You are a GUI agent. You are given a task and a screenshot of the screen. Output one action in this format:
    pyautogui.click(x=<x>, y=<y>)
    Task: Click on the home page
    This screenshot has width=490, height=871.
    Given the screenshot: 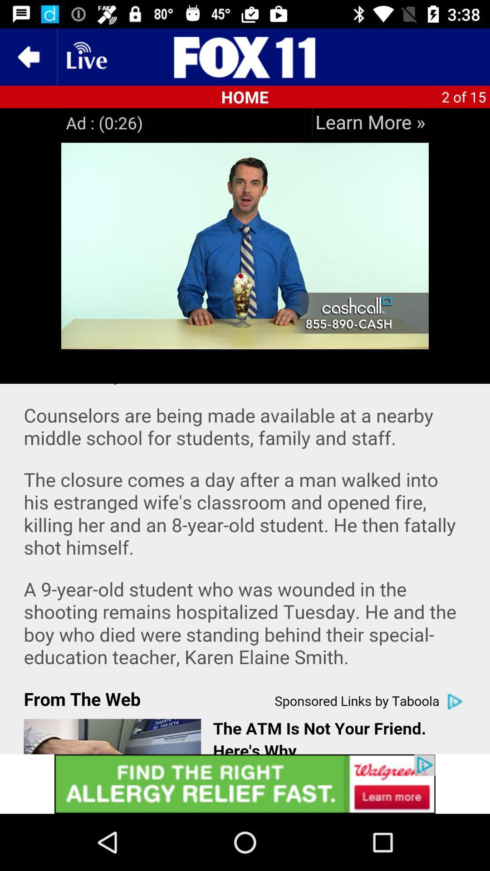 What is the action you would take?
    pyautogui.click(x=245, y=56)
    